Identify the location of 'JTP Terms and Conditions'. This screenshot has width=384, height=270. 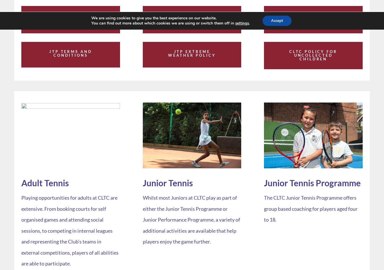
(70, 53).